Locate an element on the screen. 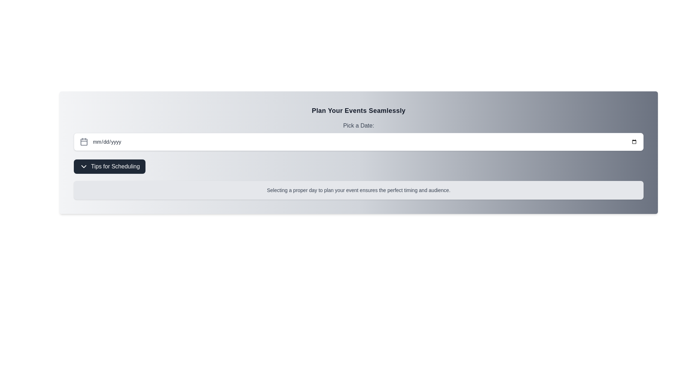 This screenshot has height=387, width=688. the button with a dark gray background and white text that reads 'Tips for Scheduling', located below the 'Pick a Date:' section is located at coordinates (109, 167).